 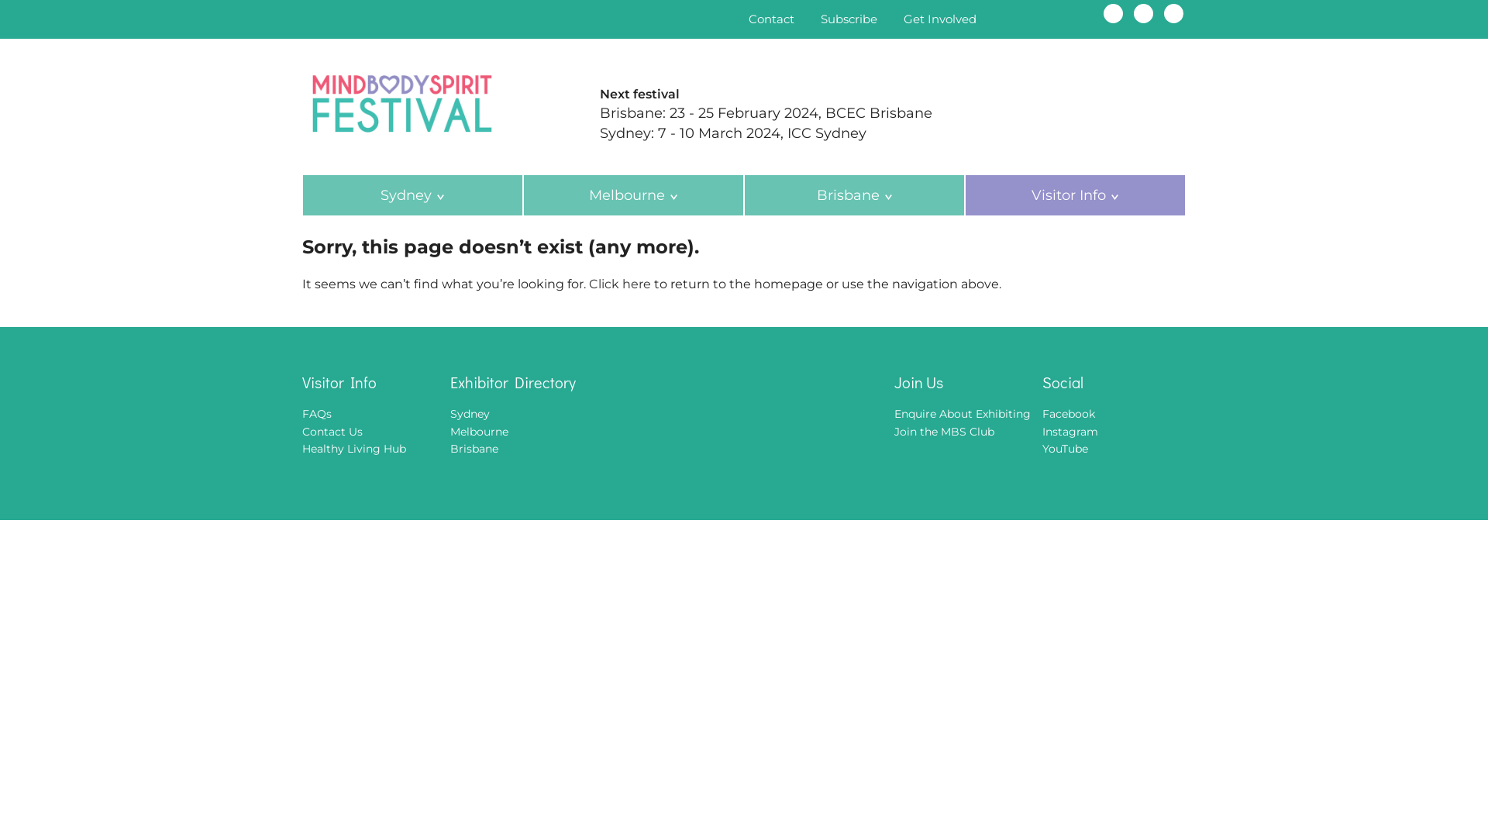 What do you see at coordinates (1069, 431) in the screenshot?
I see `'Instagram'` at bounding box center [1069, 431].